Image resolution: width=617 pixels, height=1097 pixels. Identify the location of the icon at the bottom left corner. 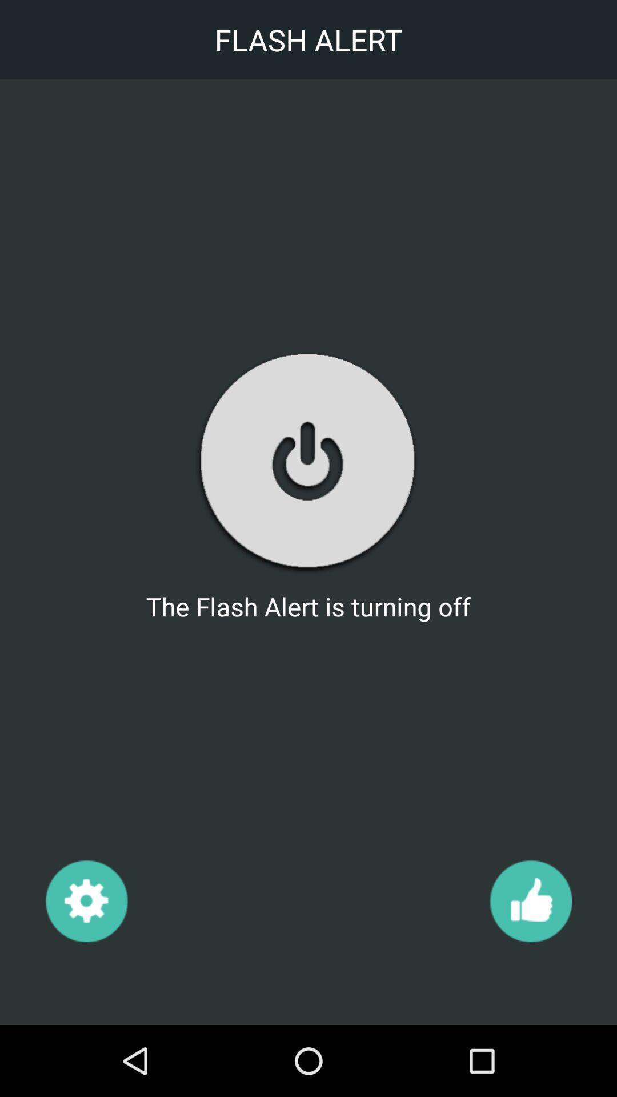
(86, 900).